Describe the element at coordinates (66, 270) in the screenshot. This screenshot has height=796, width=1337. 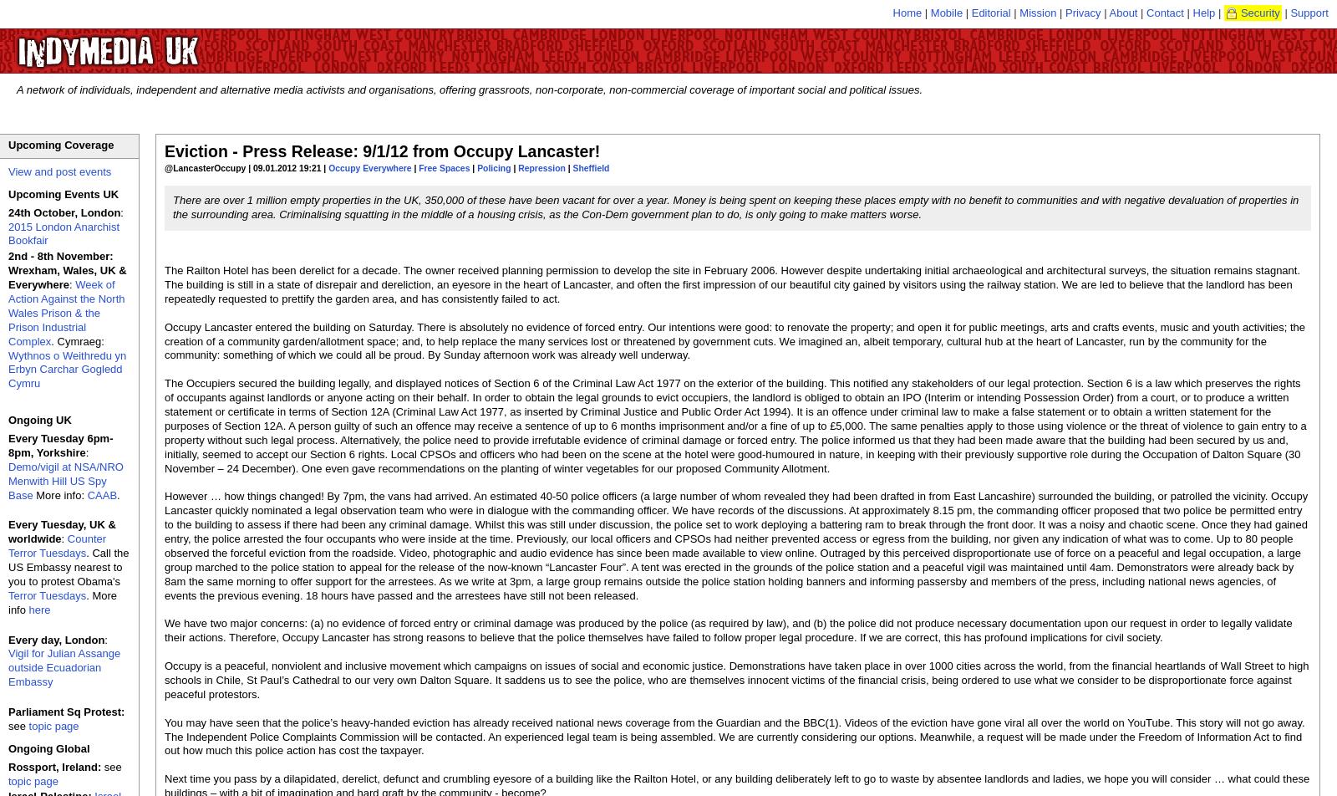
I see `'2nd - 8th November: Wrexham, Wales, UK & Everywhere'` at that location.